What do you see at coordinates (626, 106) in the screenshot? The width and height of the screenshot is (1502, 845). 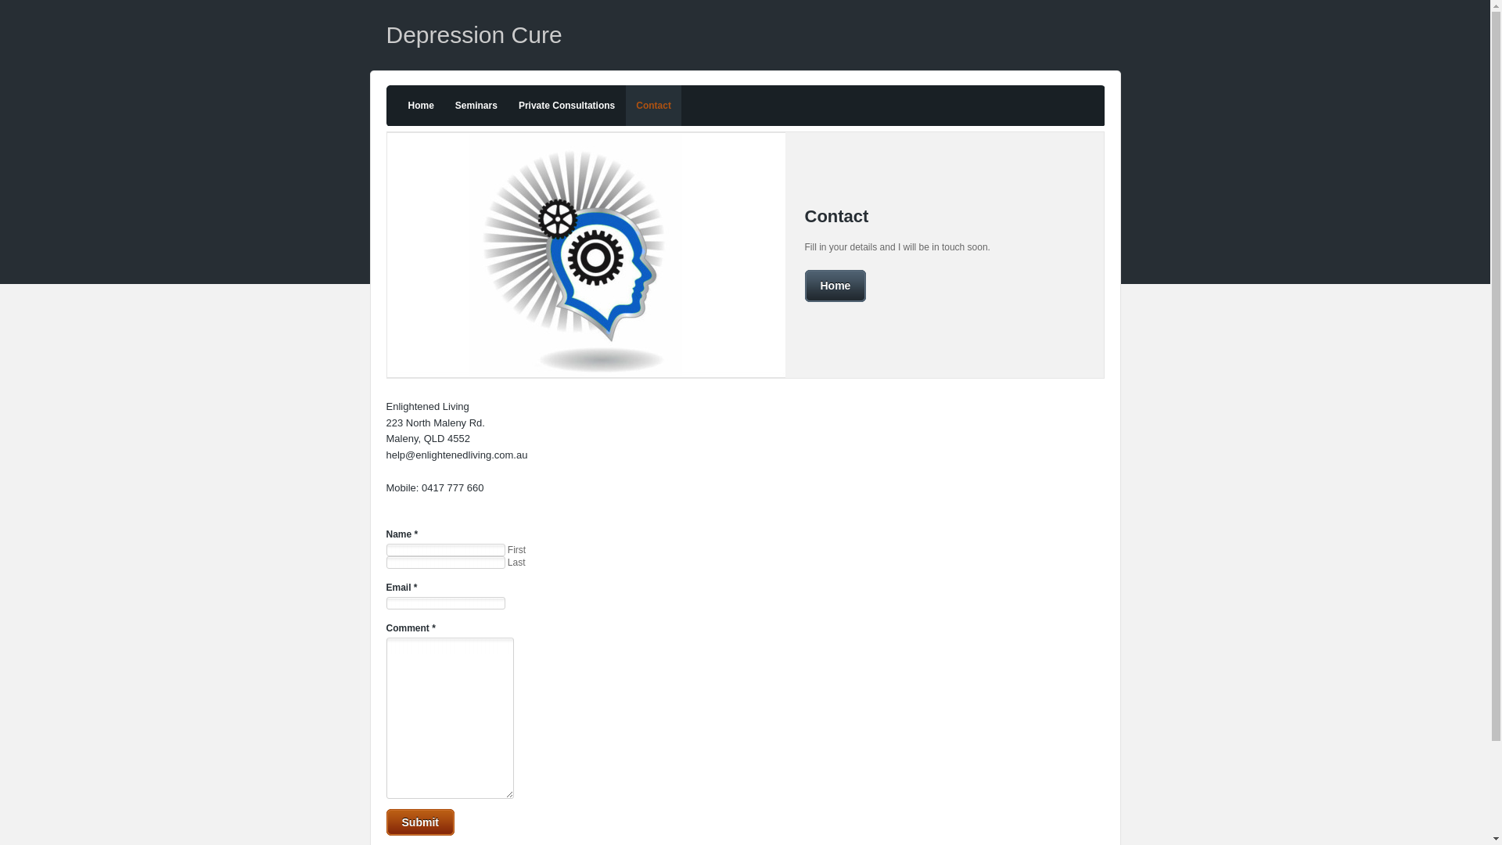 I see `'Contact'` at bounding box center [626, 106].